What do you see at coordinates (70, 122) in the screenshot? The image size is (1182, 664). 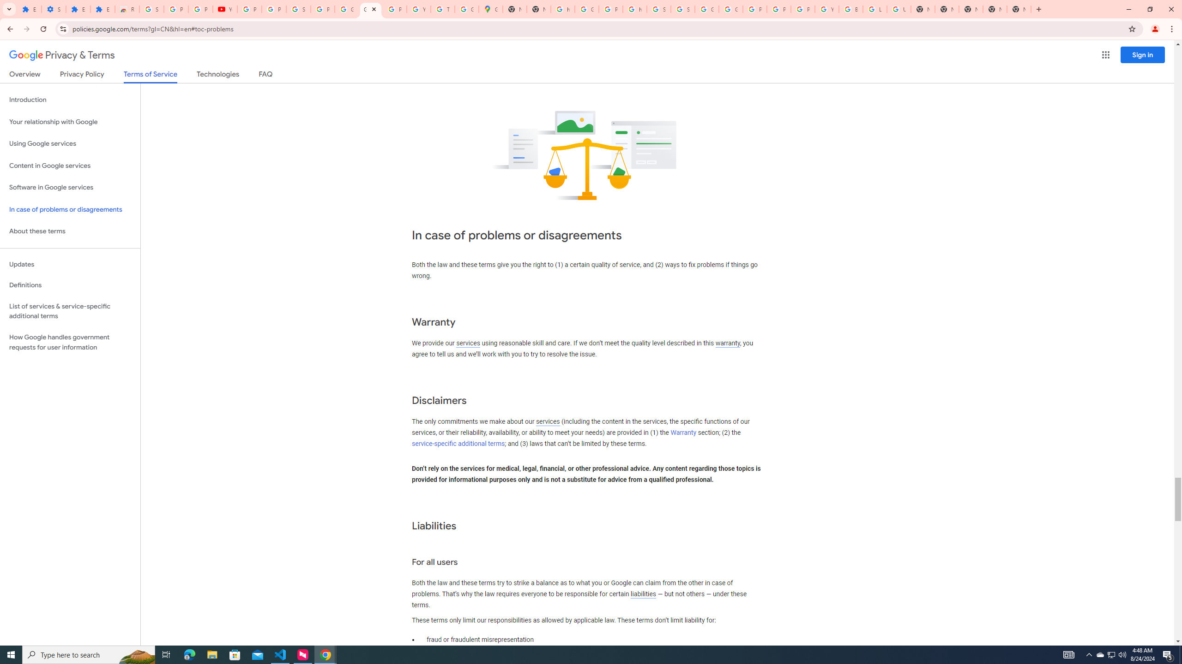 I see `'Your relationship with Google'` at bounding box center [70, 122].